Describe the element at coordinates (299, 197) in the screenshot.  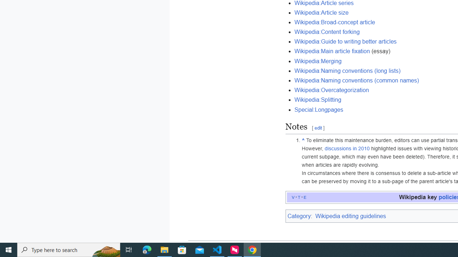
I see `'t'` at that location.